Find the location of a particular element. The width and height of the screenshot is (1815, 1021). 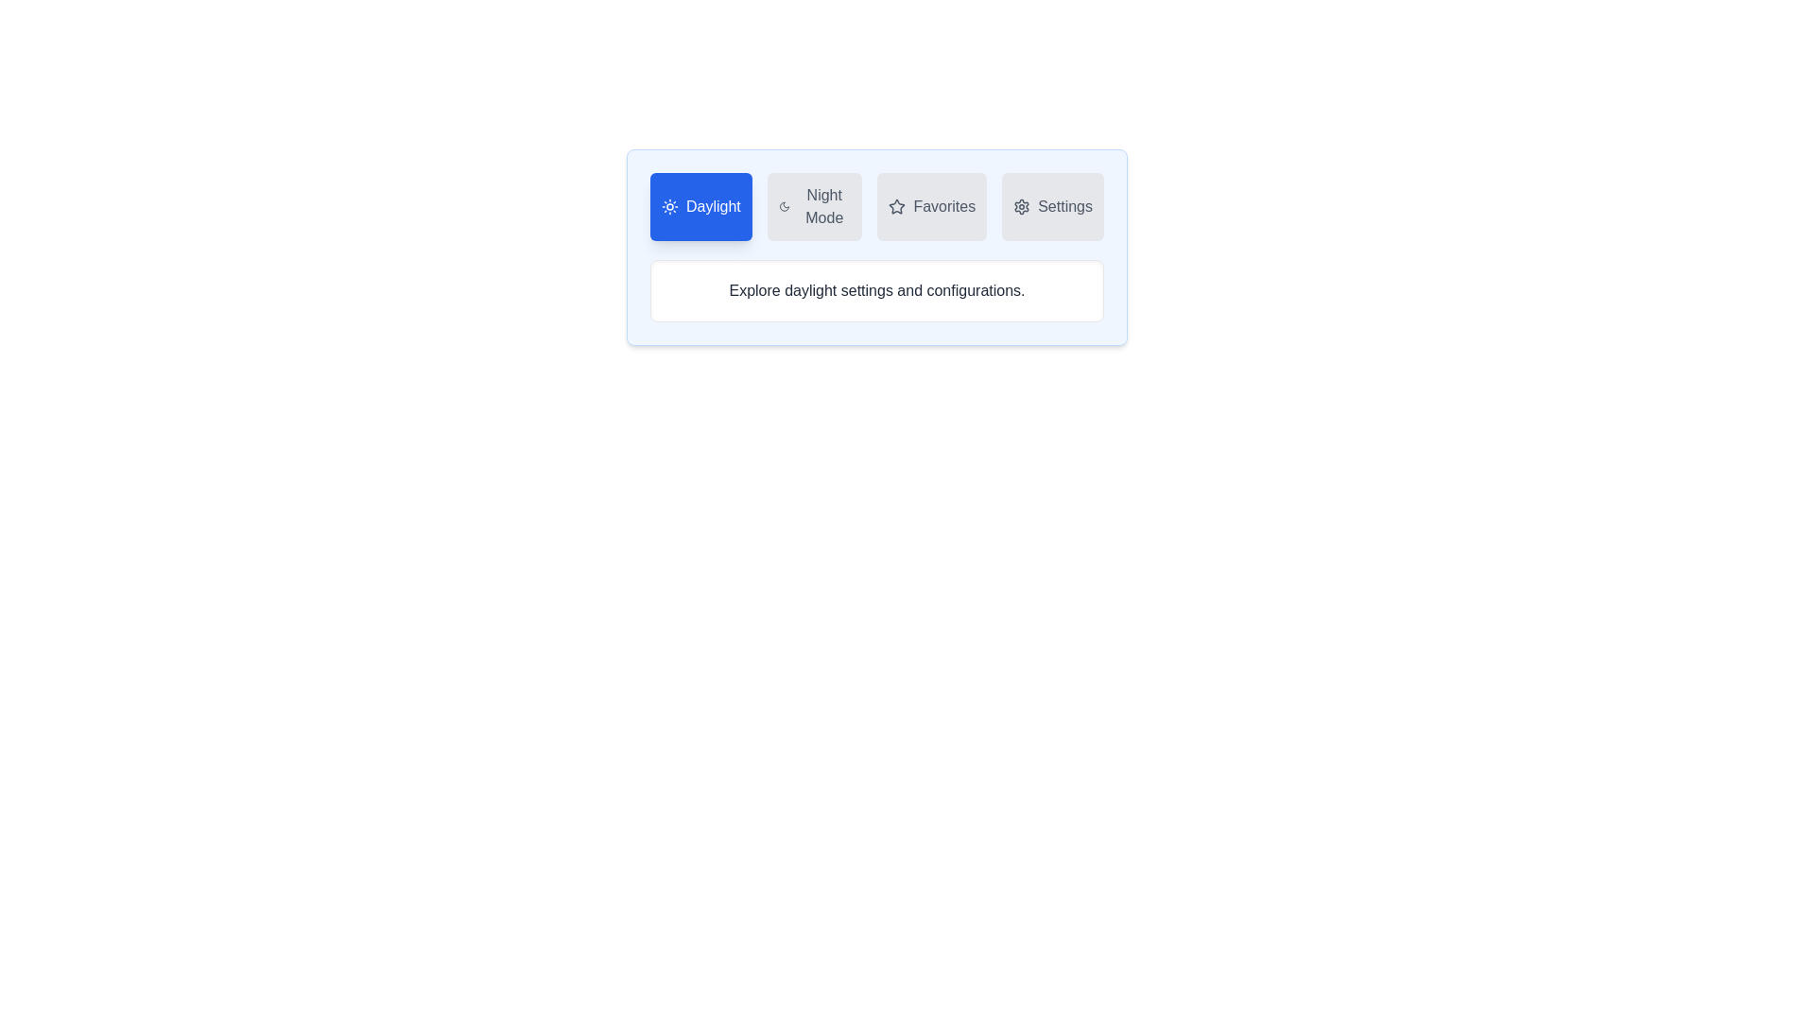

the Daylight tab to observe hover effects is located at coordinates (700, 207).